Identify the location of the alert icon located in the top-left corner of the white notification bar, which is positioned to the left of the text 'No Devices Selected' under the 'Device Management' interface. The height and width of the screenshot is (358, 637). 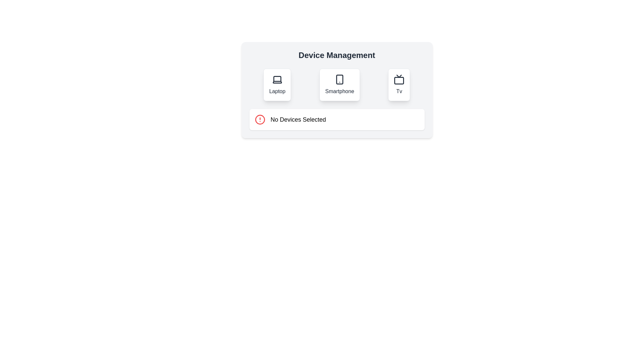
(259, 120).